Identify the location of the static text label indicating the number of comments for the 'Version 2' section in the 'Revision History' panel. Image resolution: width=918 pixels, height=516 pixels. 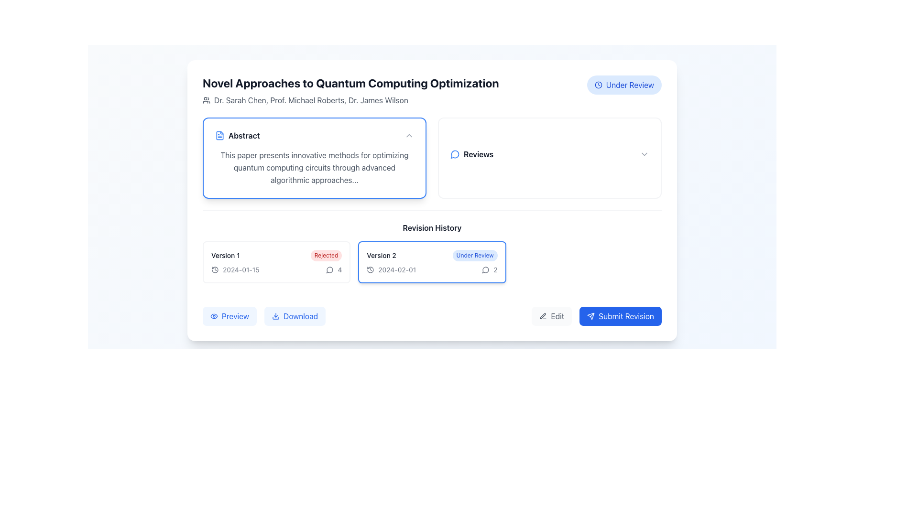
(495, 269).